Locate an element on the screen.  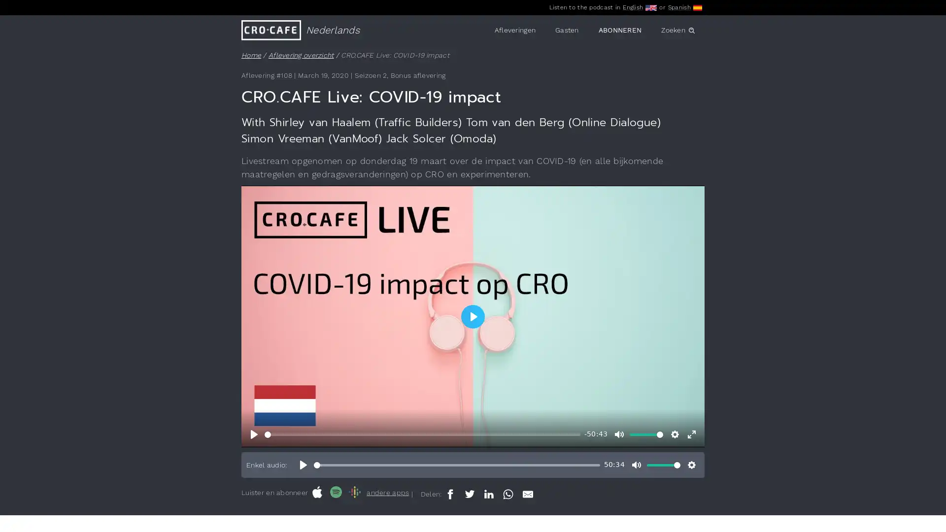
Mute is located at coordinates (636, 465).